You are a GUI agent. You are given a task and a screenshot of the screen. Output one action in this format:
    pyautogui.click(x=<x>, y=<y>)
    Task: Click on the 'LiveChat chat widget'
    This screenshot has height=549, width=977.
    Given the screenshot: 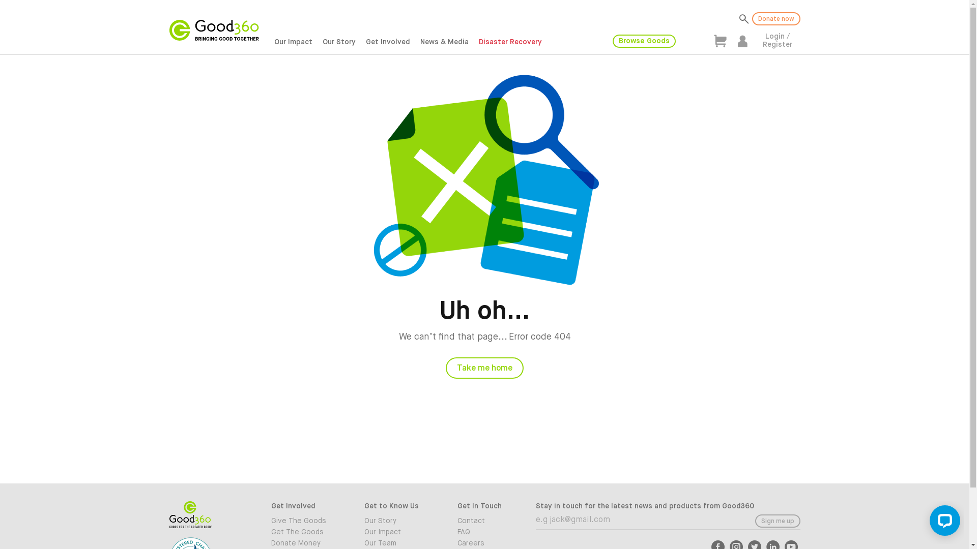 What is the action you would take?
    pyautogui.click(x=942, y=523)
    